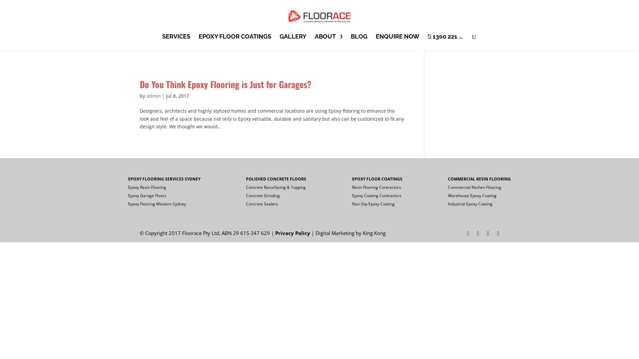  What do you see at coordinates (351, 203) in the screenshot?
I see `'Non Slip Epoxy Coating'` at bounding box center [351, 203].